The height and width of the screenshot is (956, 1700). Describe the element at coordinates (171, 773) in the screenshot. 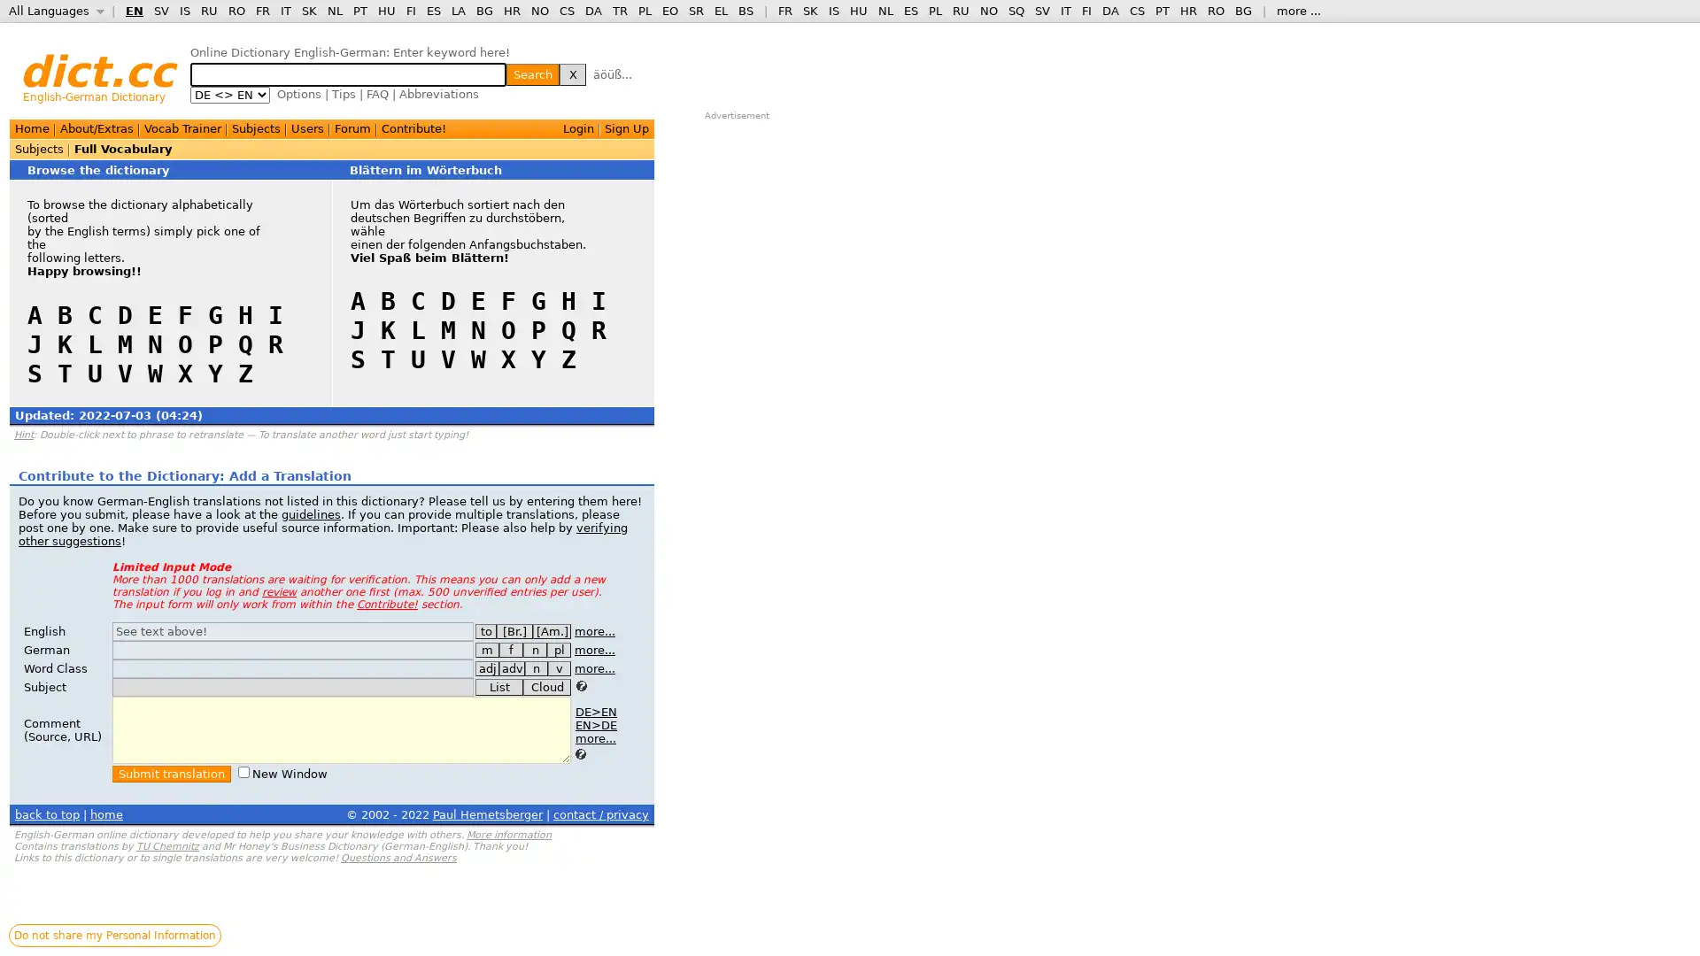

I see `Submit translation` at that location.